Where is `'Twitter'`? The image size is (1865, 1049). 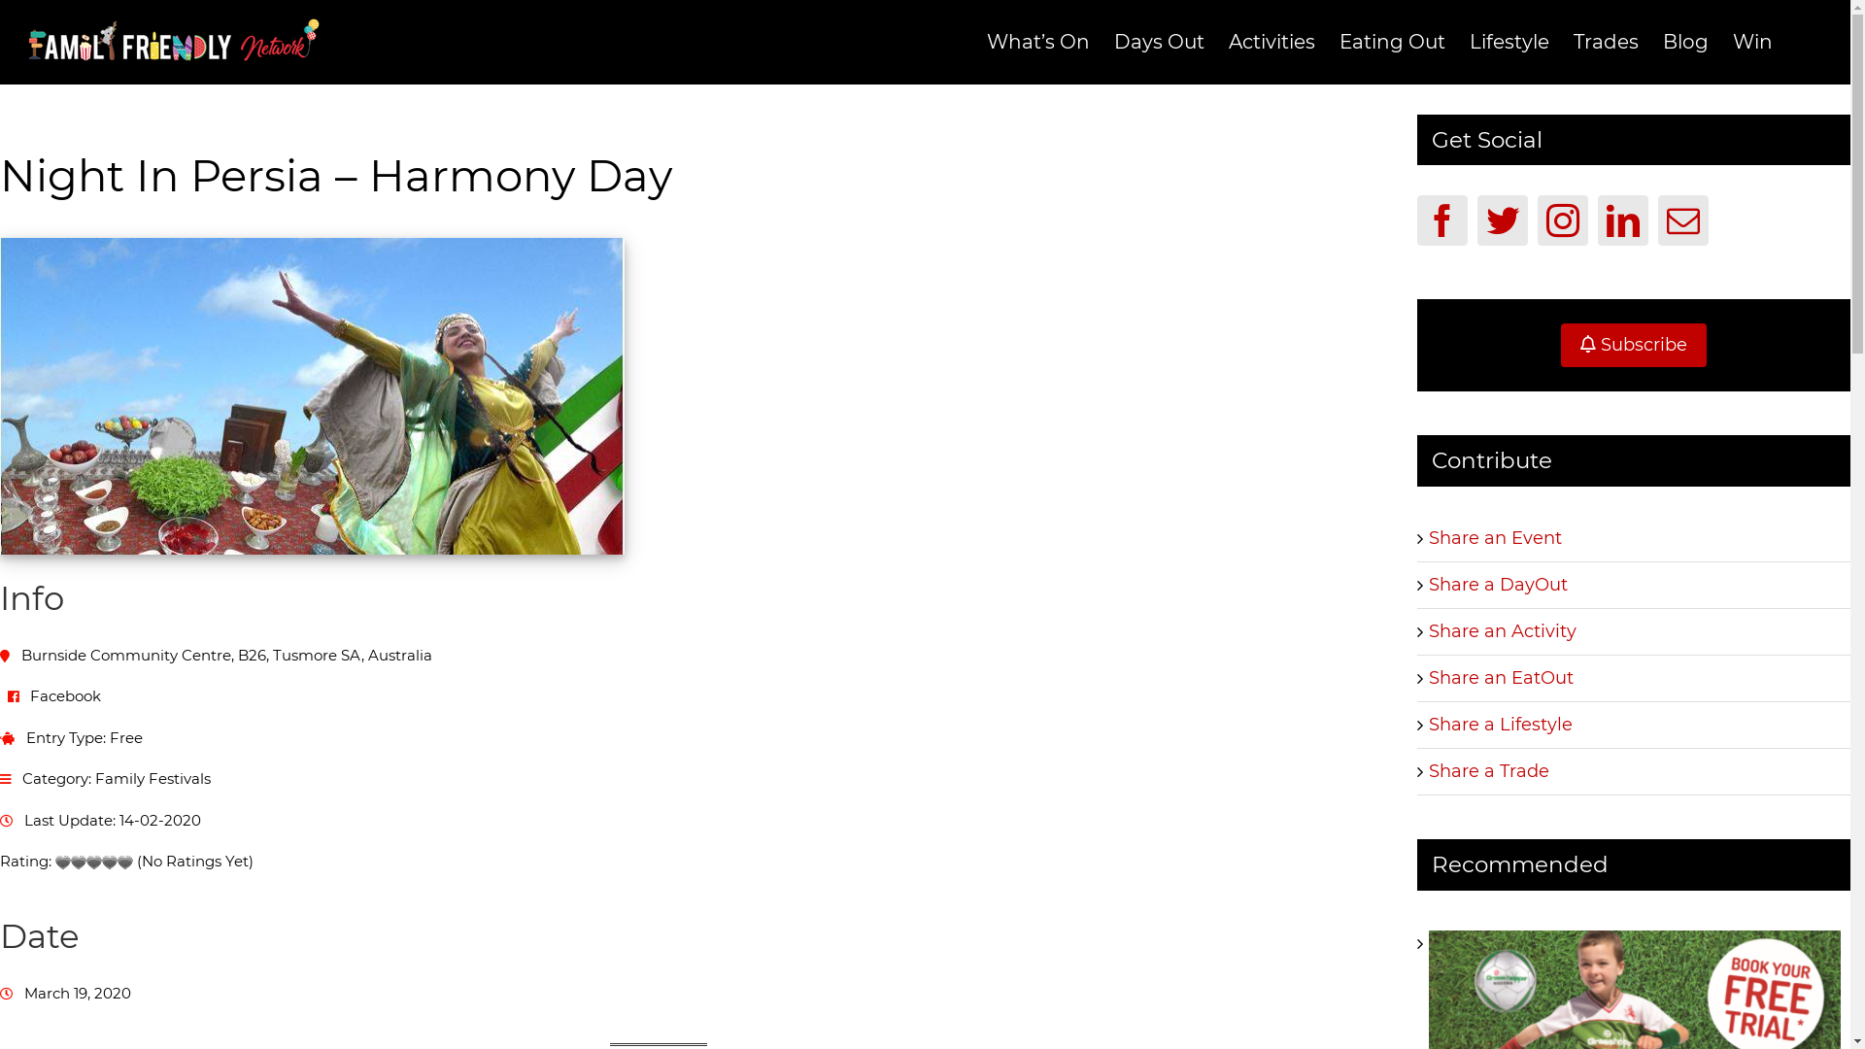 'Twitter' is located at coordinates (1501, 220).